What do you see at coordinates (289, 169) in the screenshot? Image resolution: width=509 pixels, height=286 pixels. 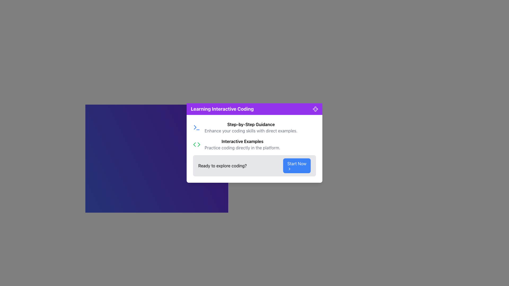 I see `the chevron icon located on the right-hand side inside the 'Start Now' button of the 'Learning Interactive Coding' dialog` at bounding box center [289, 169].